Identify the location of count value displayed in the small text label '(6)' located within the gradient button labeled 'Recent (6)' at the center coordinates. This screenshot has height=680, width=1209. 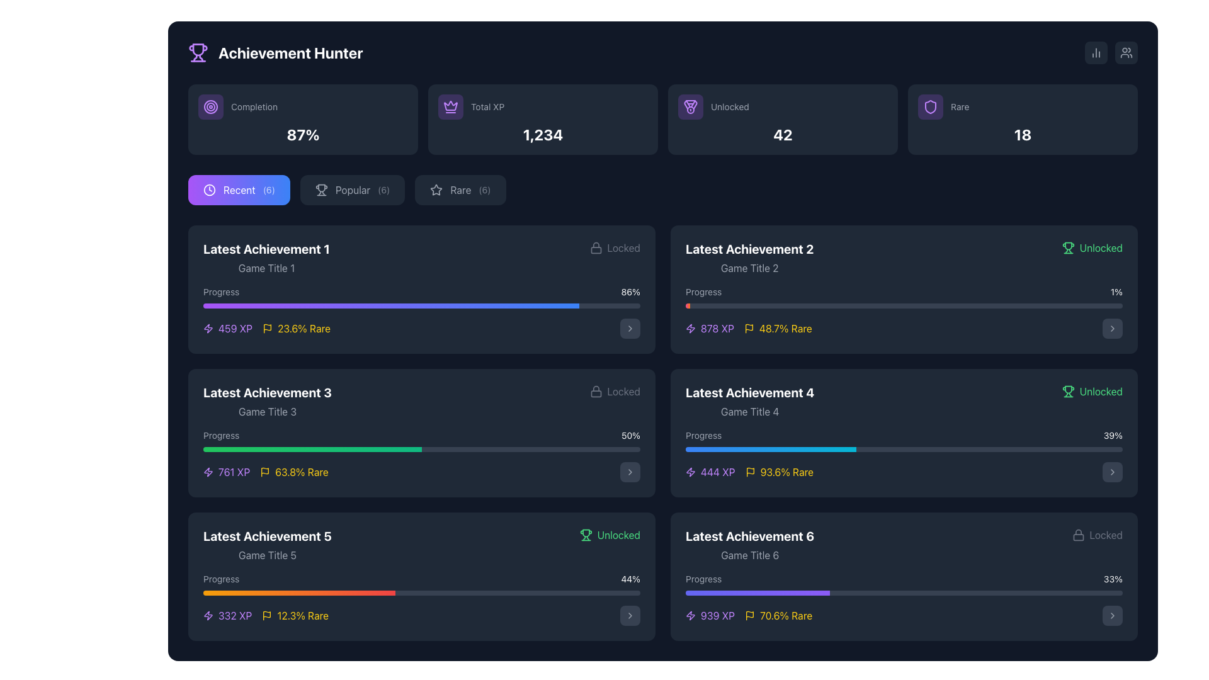
(268, 190).